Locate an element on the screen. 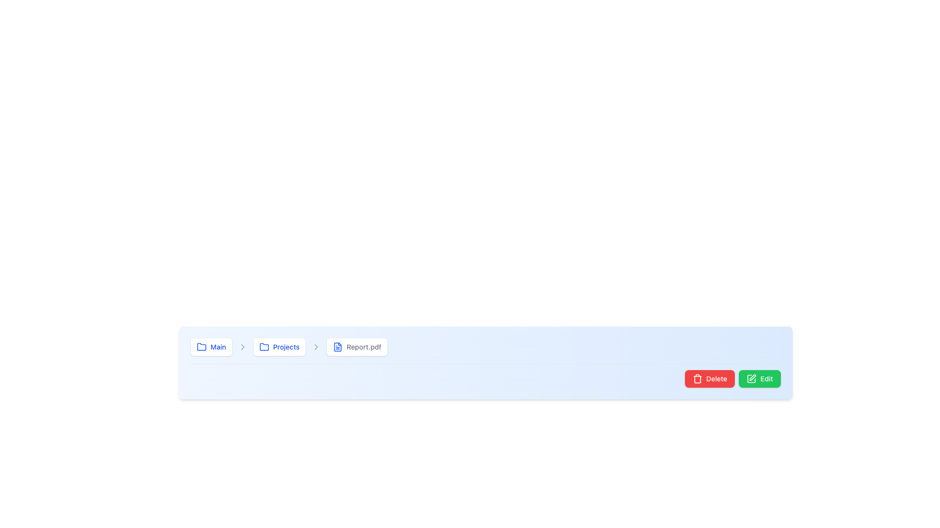 The width and height of the screenshot is (940, 528). the folder icon representing the 'Projects' directory in the breadcrumb navigation interface is located at coordinates (264, 346).